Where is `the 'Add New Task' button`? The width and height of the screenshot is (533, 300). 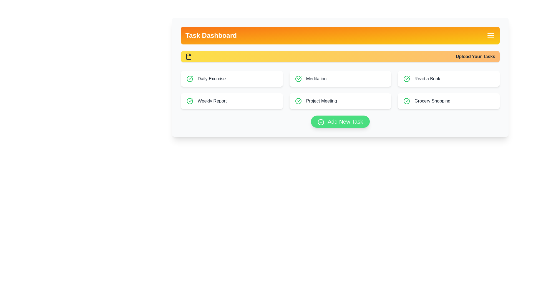
the 'Add New Task' button is located at coordinates (340, 121).